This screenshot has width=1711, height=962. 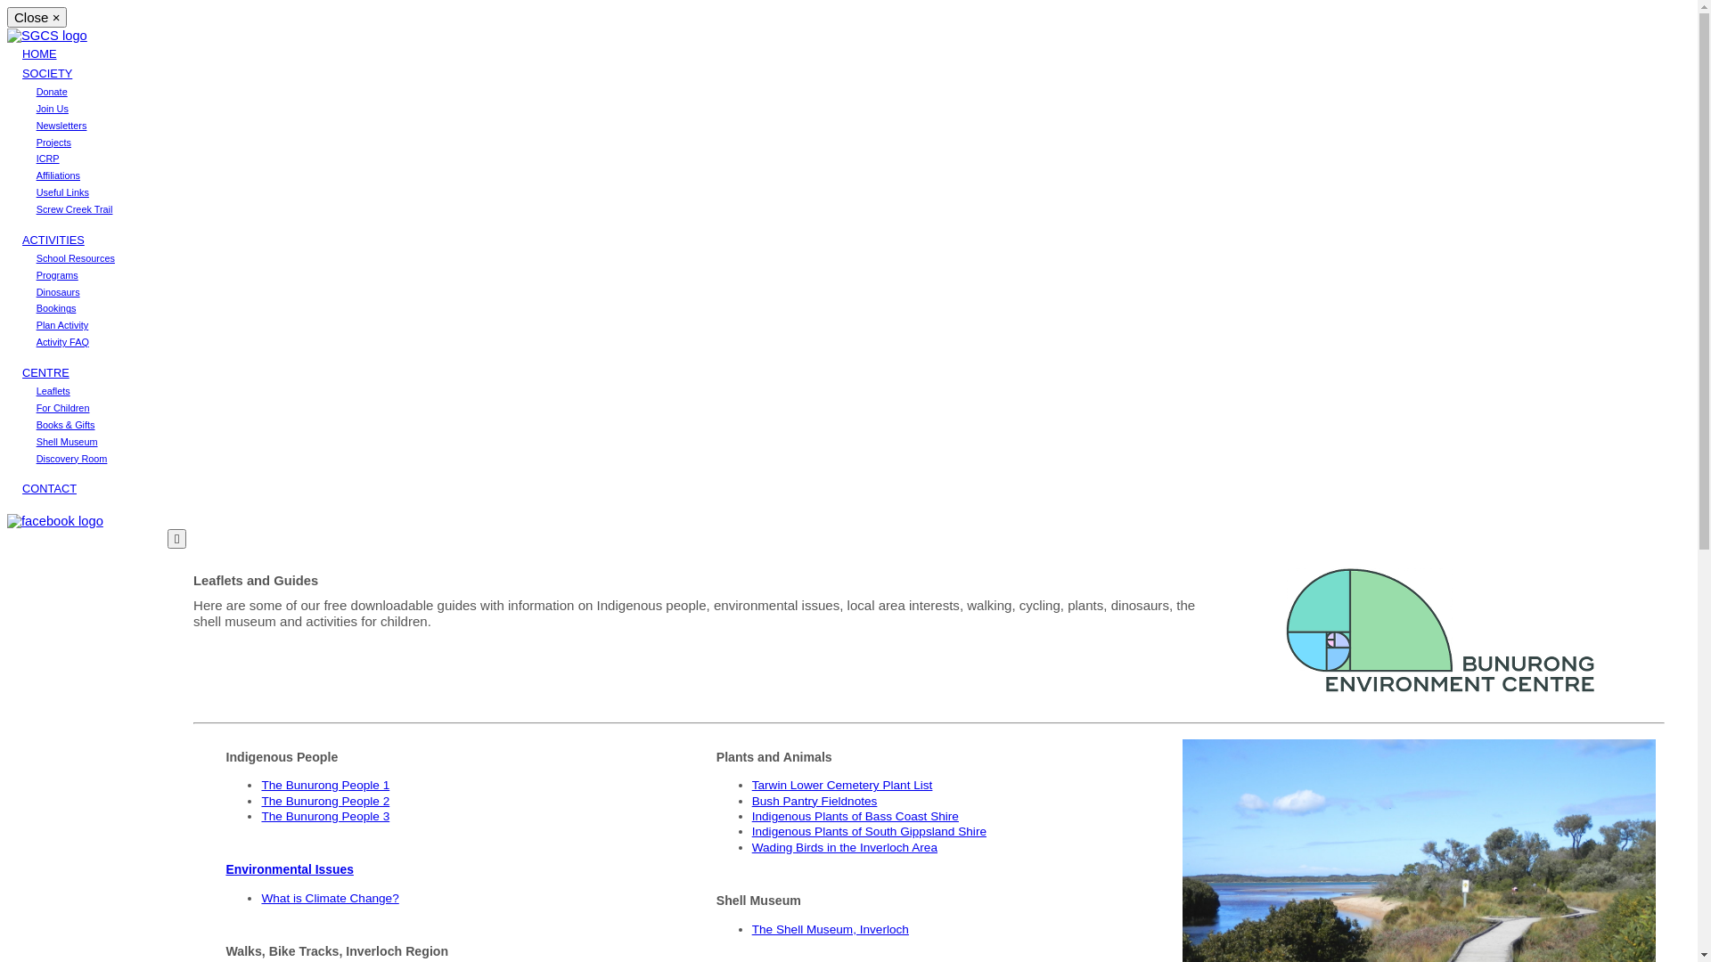 I want to click on 'The Bunurong People 2', so click(x=259, y=800).